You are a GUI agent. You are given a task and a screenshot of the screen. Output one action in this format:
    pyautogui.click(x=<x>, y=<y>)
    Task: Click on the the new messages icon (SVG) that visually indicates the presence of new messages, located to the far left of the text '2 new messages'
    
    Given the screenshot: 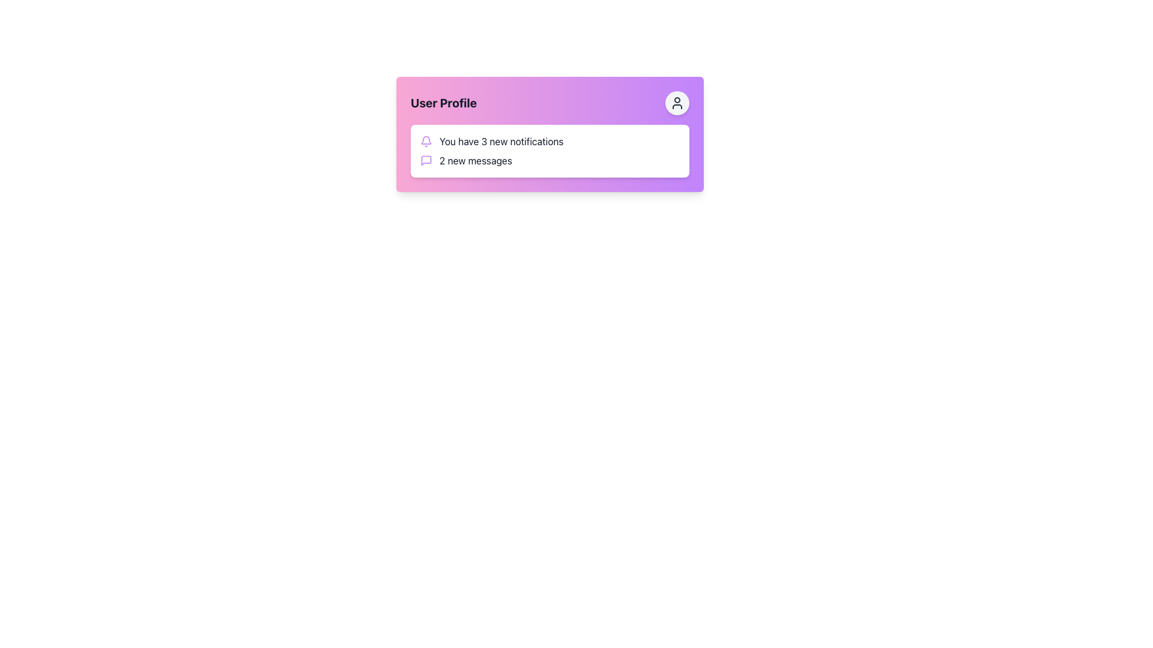 What is the action you would take?
    pyautogui.click(x=426, y=160)
    